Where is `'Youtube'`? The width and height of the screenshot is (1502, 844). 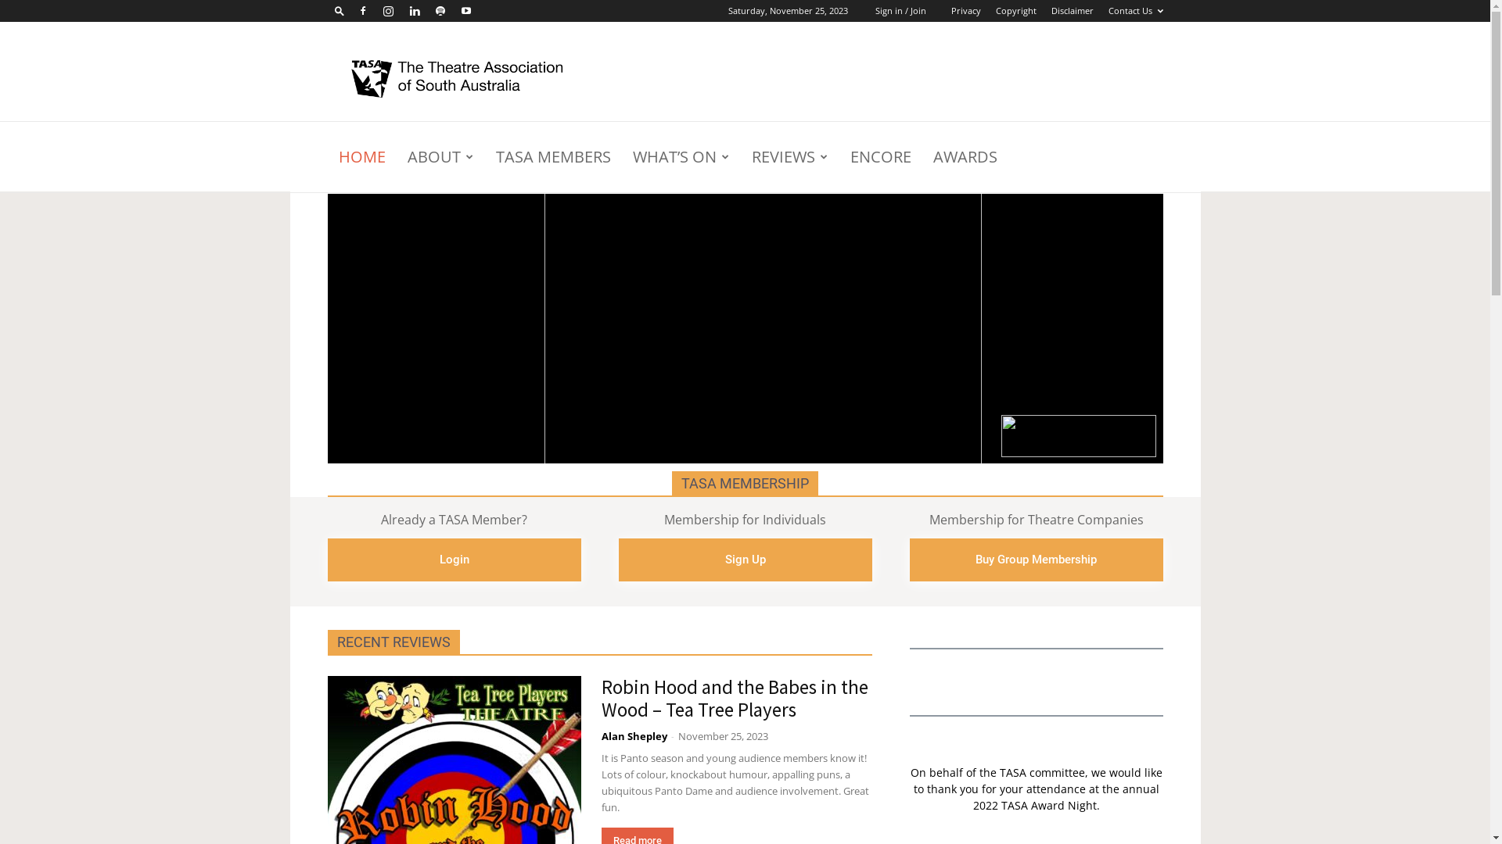 'Youtube' is located at coordinates (465, 11).